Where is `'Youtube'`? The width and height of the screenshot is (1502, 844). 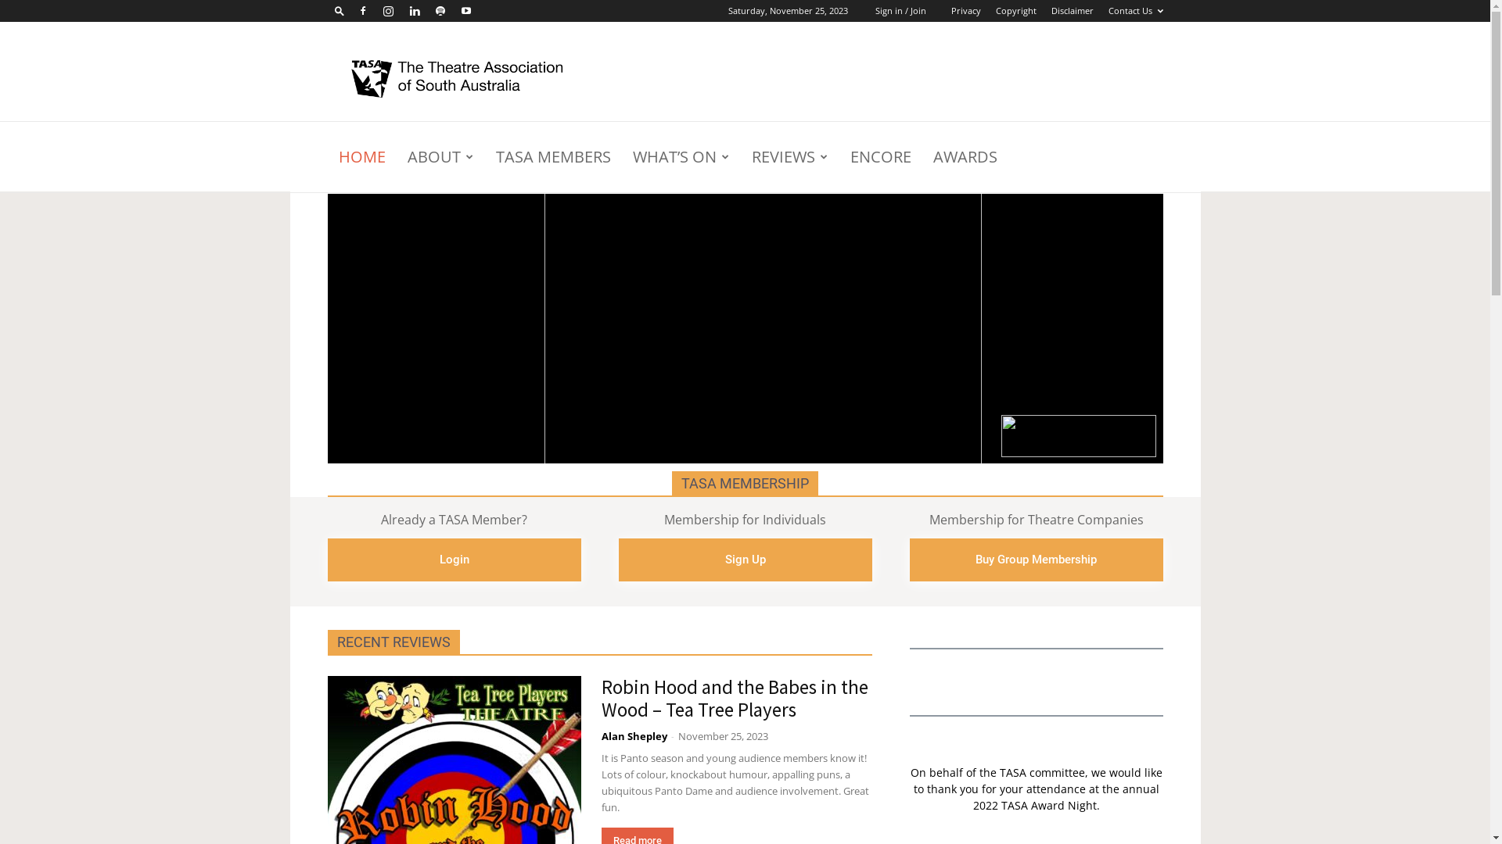 'Youtube' is located at coordinates (465, 11).